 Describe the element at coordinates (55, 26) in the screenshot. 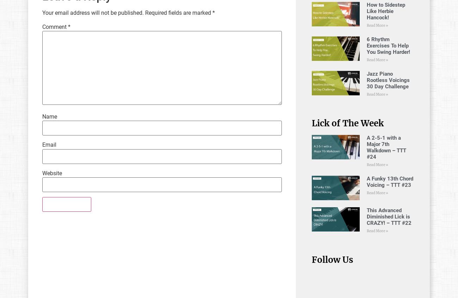

I see `'Comment'` at that location.